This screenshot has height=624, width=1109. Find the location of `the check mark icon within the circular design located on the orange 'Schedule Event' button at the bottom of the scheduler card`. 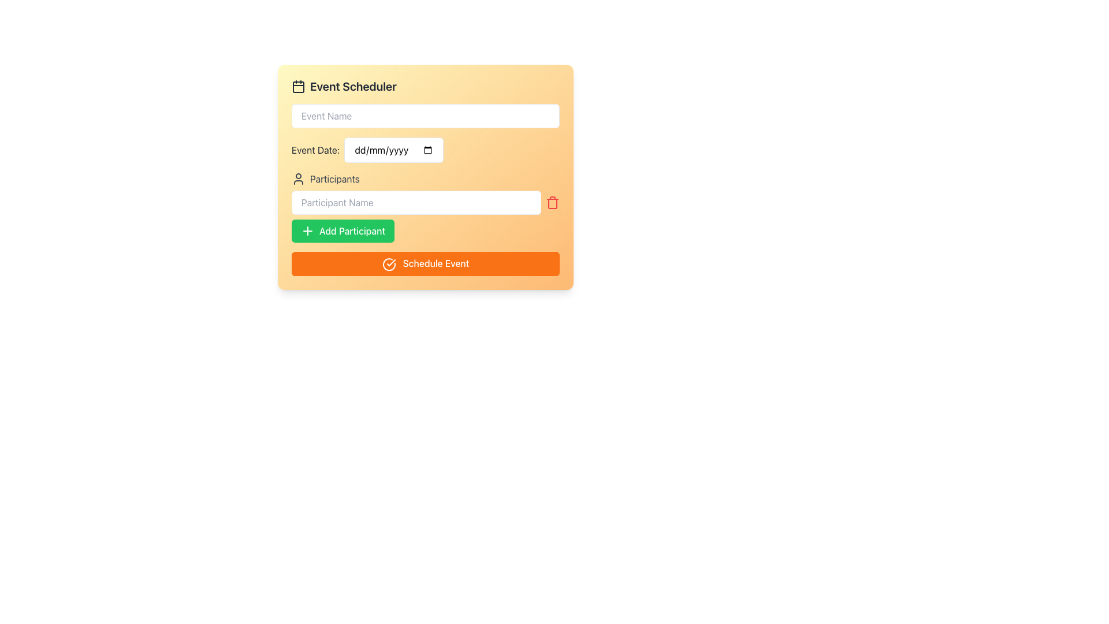

the check mark icon within the circular design located on the orange 'Schedule Event' button at the bottom of the scheduler card is located at coordinates (390, 262).